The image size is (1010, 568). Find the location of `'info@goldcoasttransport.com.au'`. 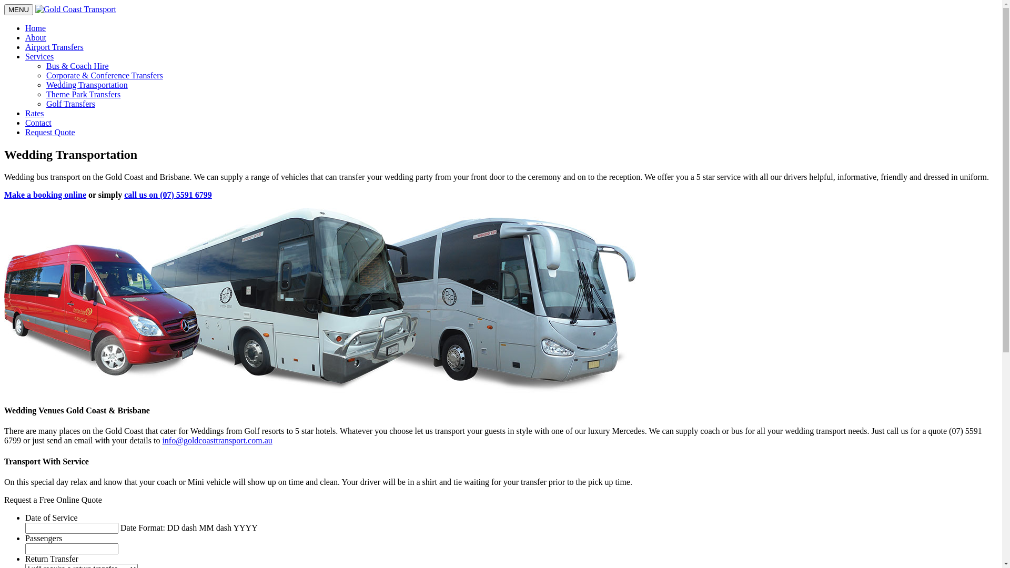

'info@goldcoasttransport.com.au' is located at coordinates (216, 440).